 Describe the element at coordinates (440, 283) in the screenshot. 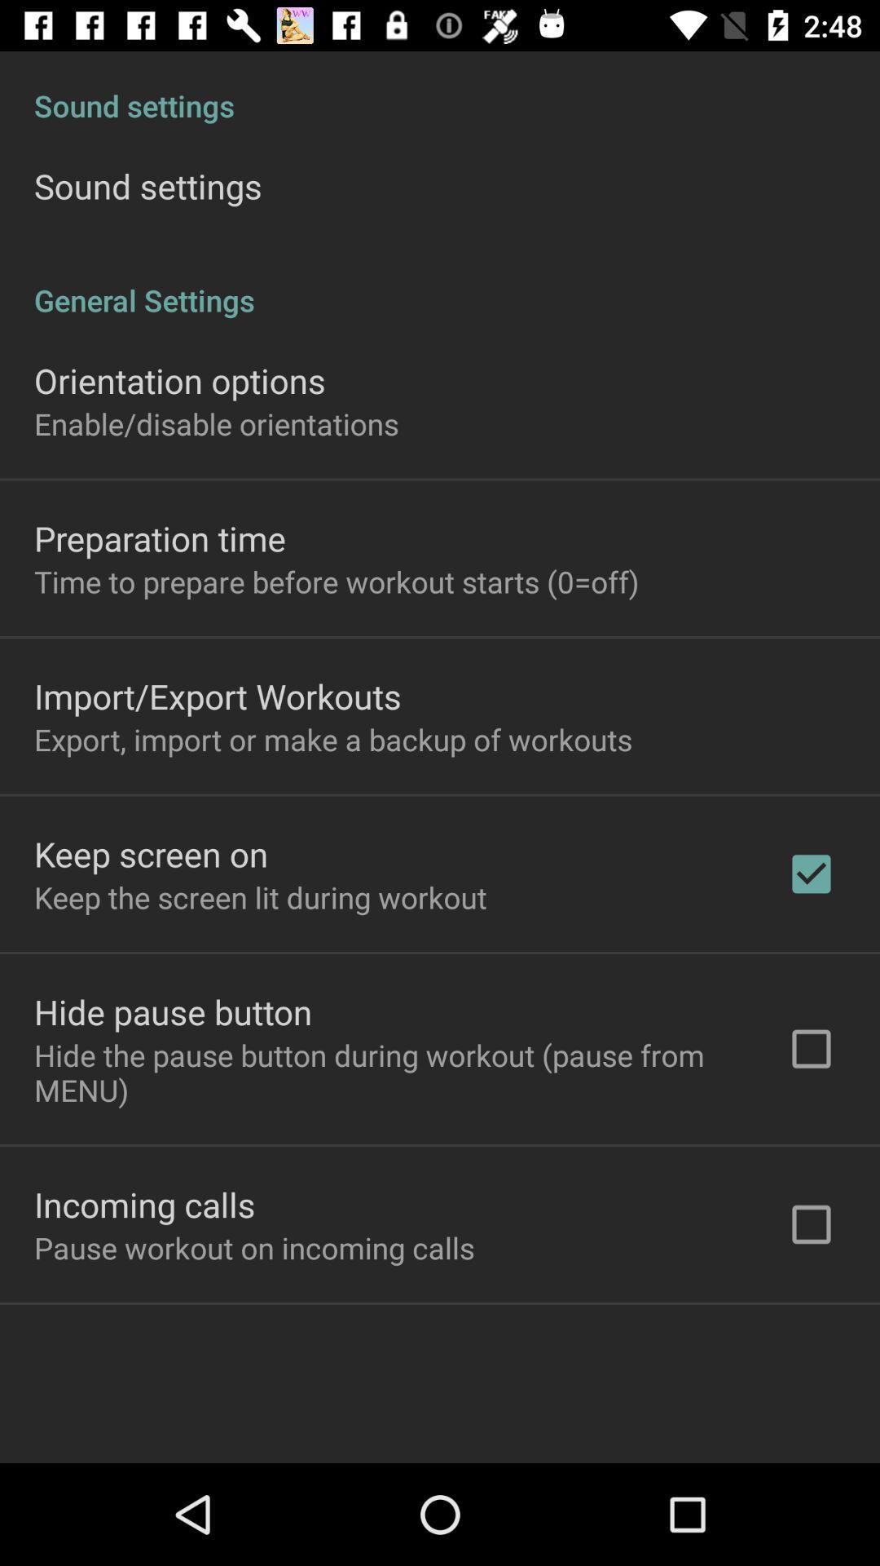

I see `general settings icon` at that location.